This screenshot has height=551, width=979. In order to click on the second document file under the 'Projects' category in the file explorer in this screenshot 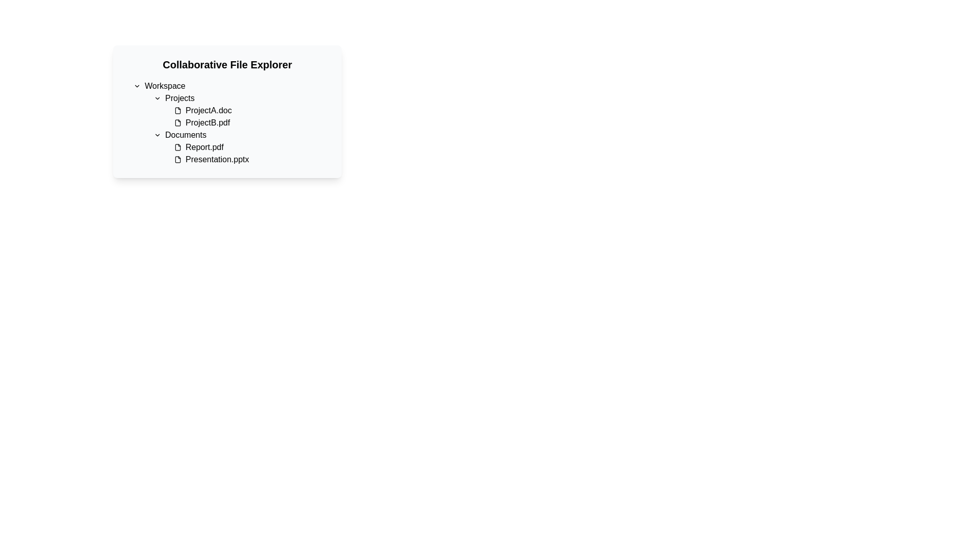, I will do `click(247, 116)`.